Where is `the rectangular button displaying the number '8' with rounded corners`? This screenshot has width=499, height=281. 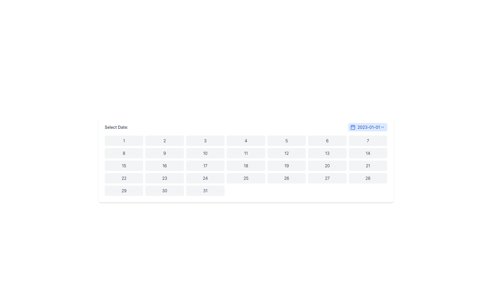 the rectangular button displaying the number '8' with rounded corners is located at coordinates (124, 153).